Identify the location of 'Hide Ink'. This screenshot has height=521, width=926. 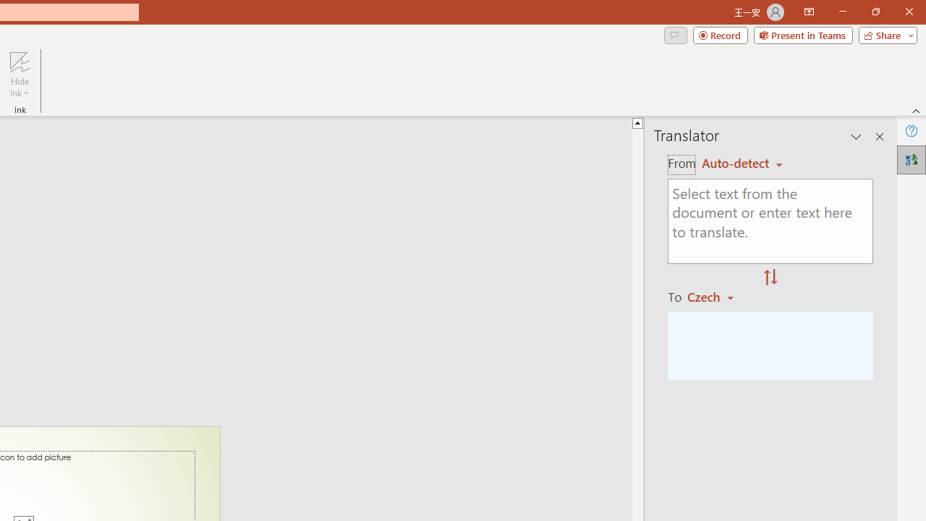
(20, 61).